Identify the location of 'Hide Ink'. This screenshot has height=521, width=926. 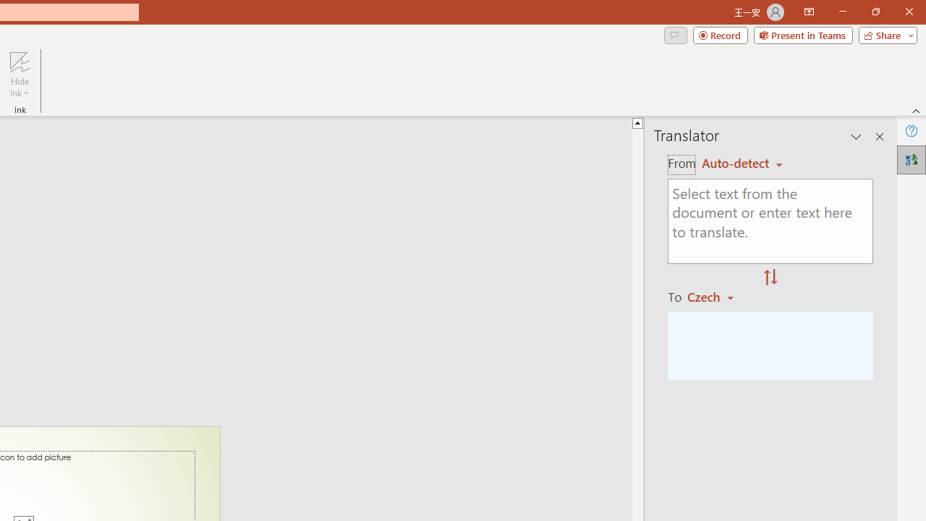
(20, 61).